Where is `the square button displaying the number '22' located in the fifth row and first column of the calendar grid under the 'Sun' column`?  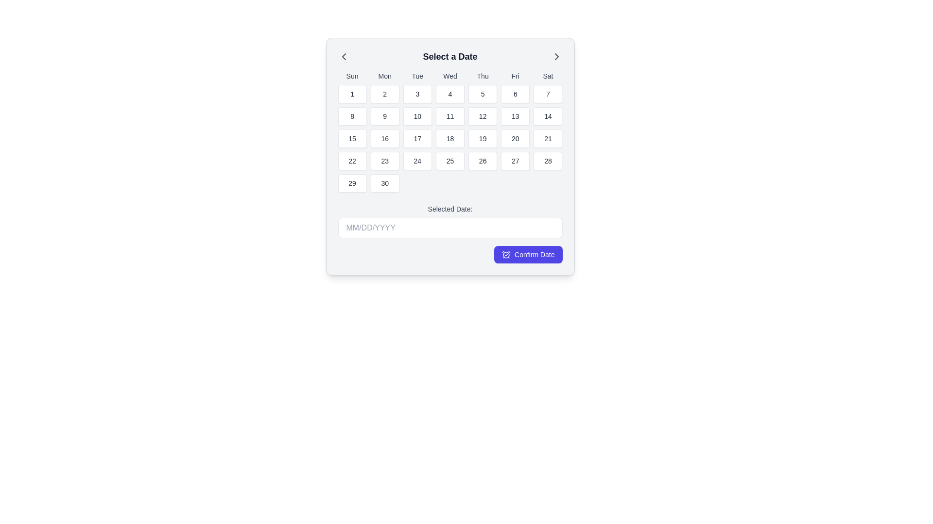 the square button displaying the number '22' located in the fifth row and first column of the calendar grid under the 'Sun' column is located at coordinates (351, 160).